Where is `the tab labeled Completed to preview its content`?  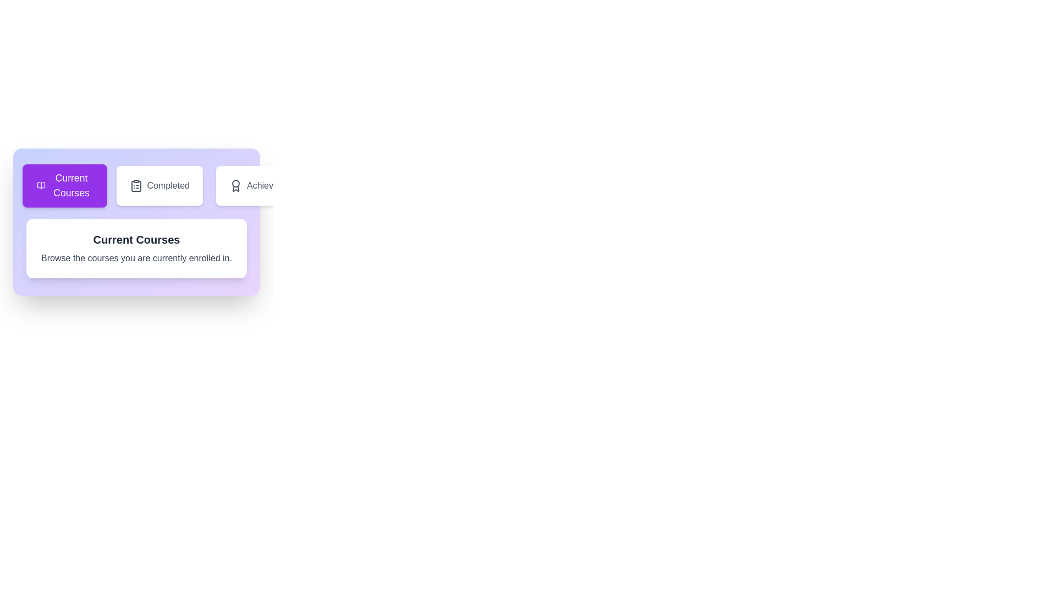
the tab labeled Completed to preview its content is located at coordinates (159, 185).